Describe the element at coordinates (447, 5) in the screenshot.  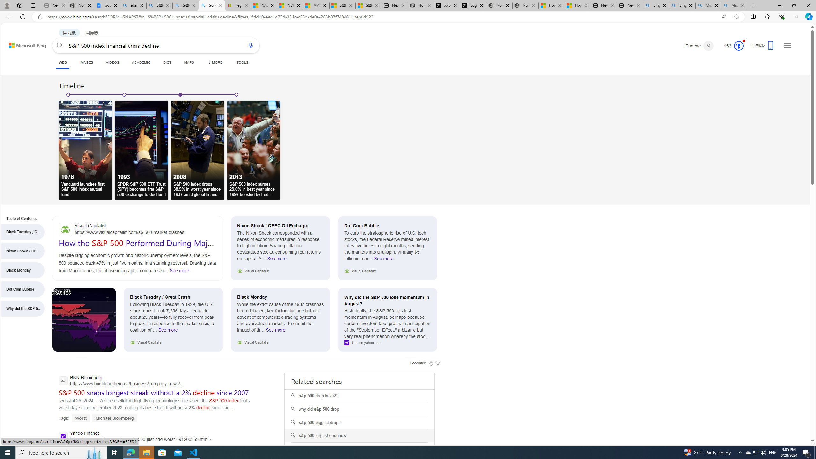
I see `'x.com/NordaceOfficial'` at that location.